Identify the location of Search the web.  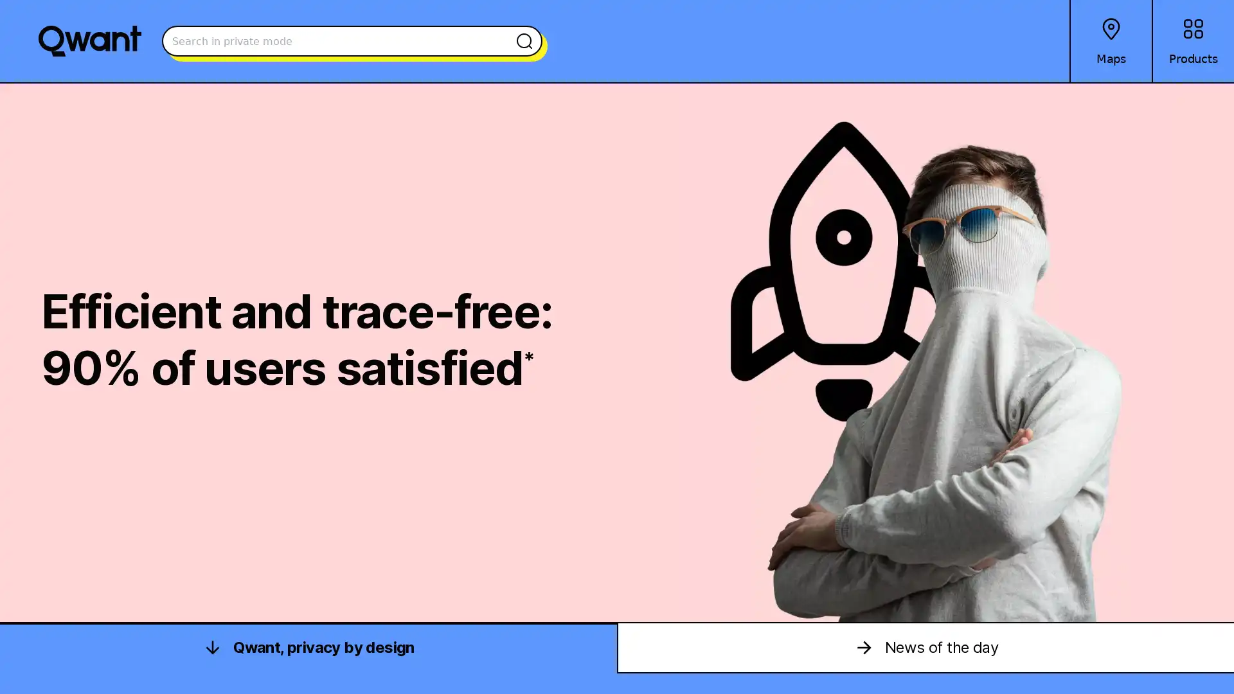
(524, 40).